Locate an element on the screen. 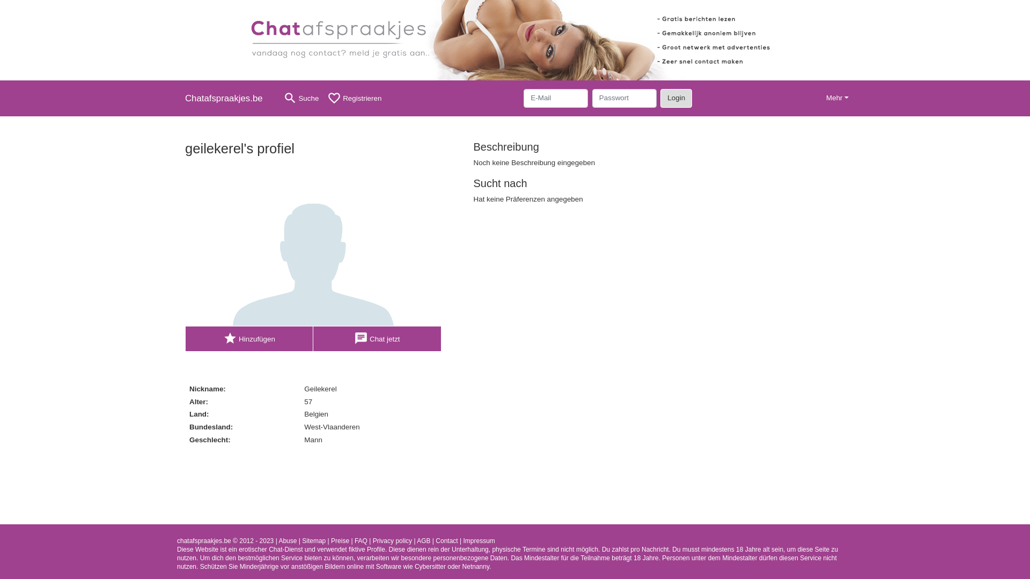 This screenshot has height=579, width=1030. 'Mehr' is located at coordinates (836, 98).